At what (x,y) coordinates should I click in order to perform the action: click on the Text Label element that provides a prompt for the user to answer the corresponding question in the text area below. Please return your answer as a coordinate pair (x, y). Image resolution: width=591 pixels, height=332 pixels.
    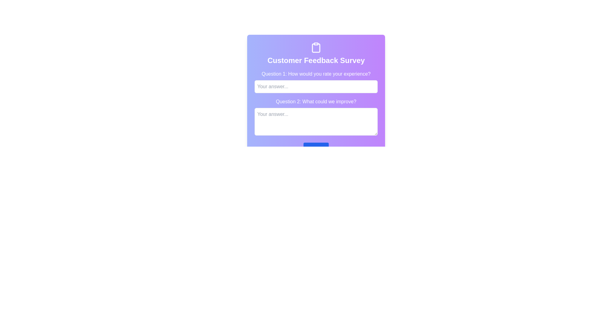
    Looking at the image, I should click on (316, 101).